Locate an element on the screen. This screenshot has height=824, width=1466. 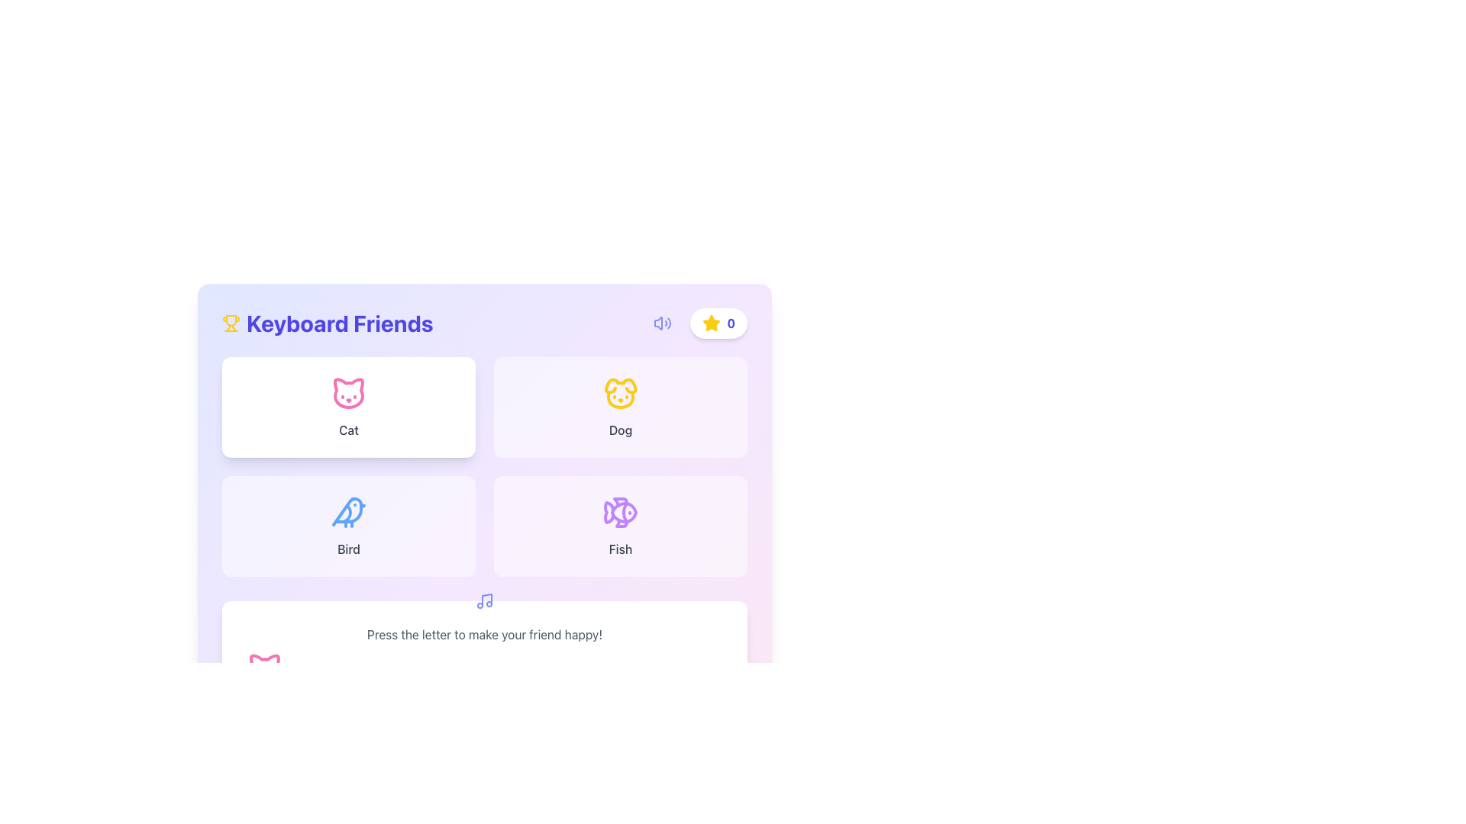
the blue bird icon displayed in a white, semi-transparent card with rounded edges, located in the third card on the left in the middle row of a grid layout is located at coordinates (347, 512).